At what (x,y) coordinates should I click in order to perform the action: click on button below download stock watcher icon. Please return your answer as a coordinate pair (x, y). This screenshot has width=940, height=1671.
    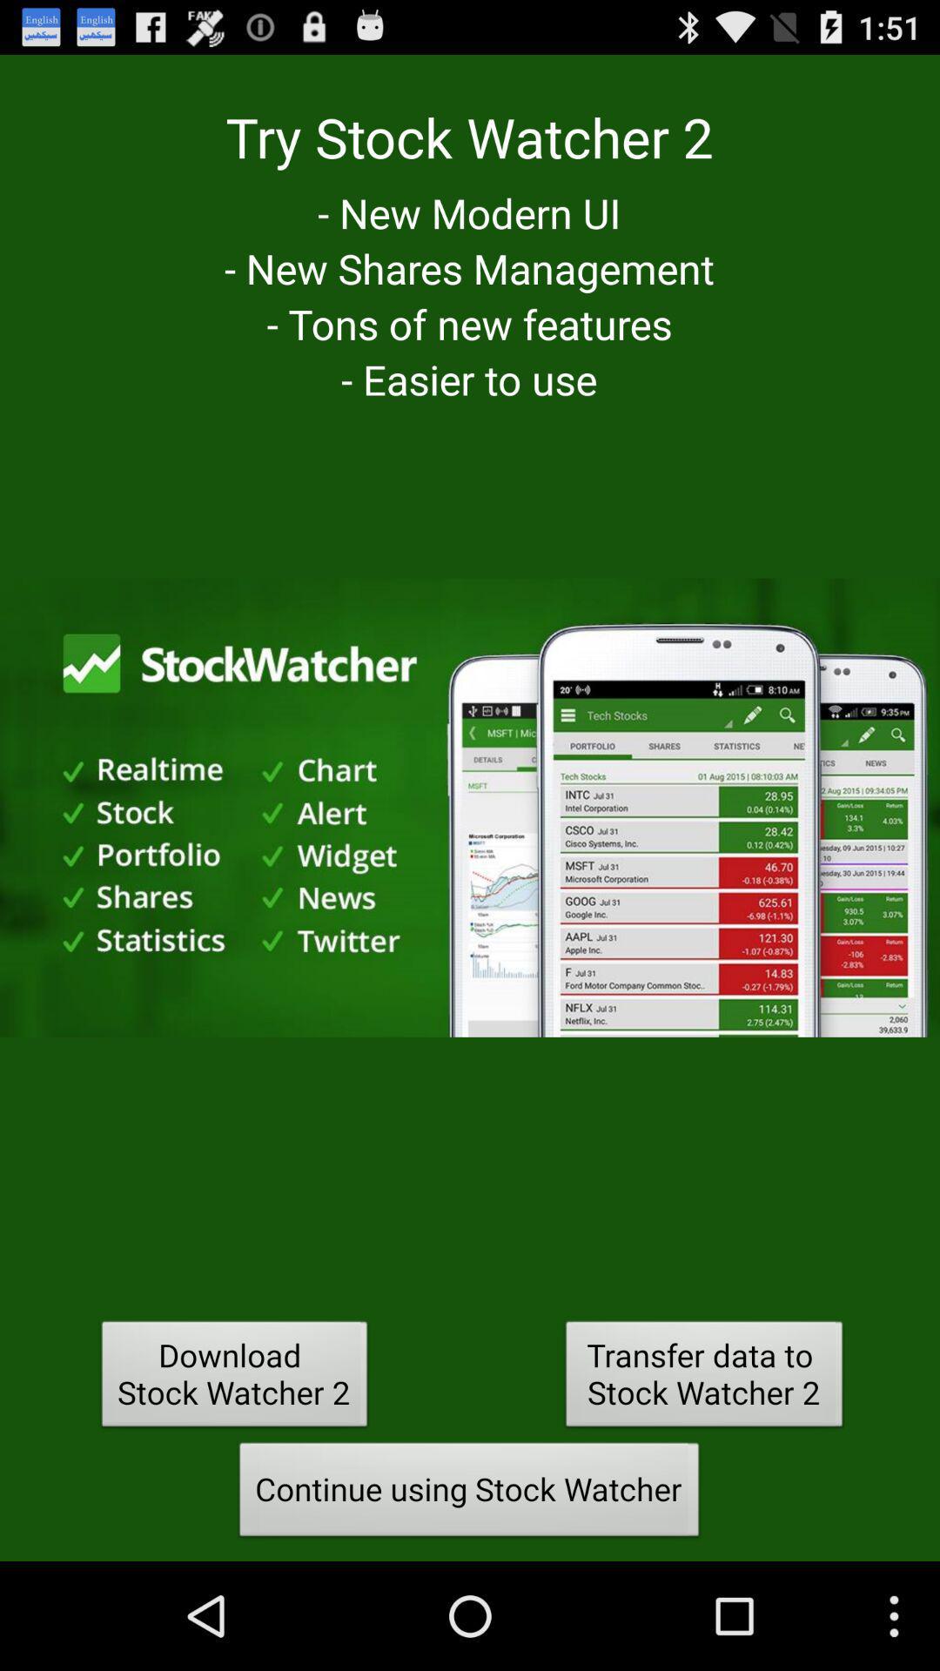
    Looking at the image, I should click on (468, 1493).